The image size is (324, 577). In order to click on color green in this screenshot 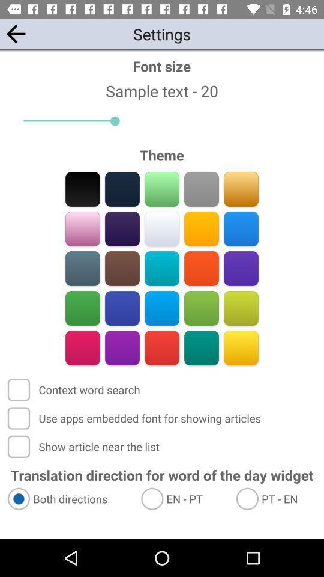, I will do `click(82, 308)`.